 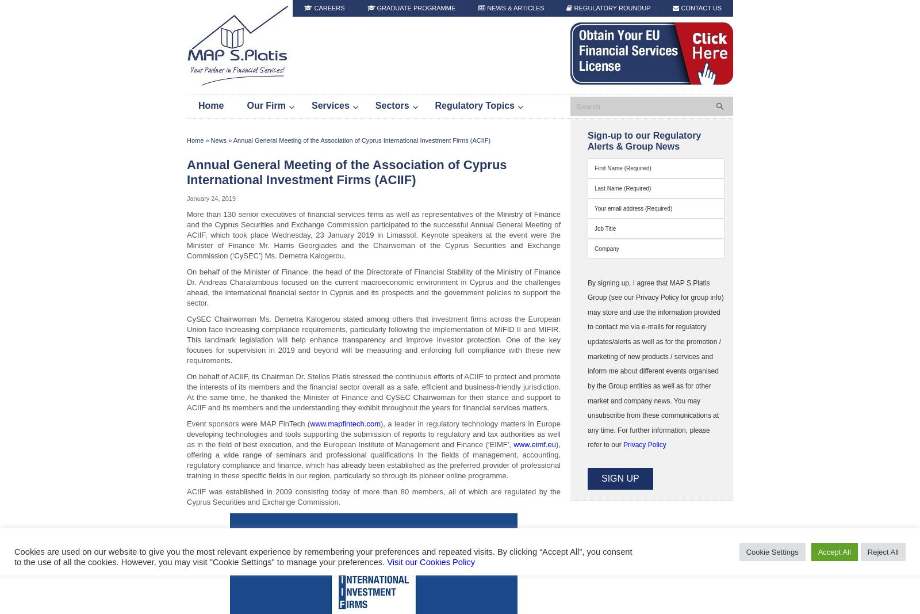 I want to click on 'Reject All', so click(x=883, y=551).